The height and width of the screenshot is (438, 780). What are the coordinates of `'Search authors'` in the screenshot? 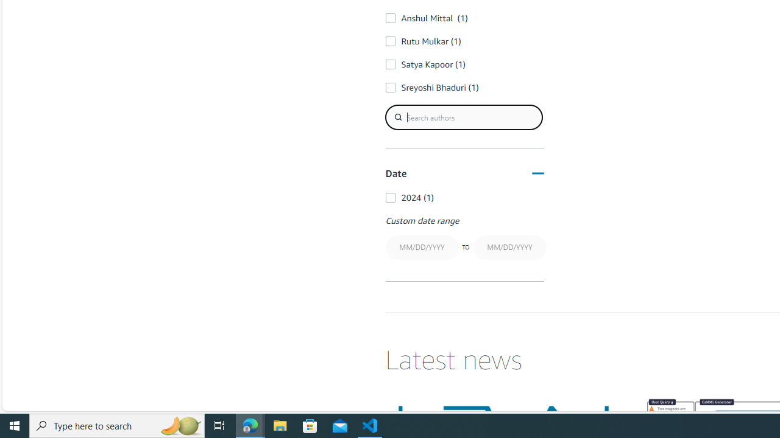 It's located at (463, 117).